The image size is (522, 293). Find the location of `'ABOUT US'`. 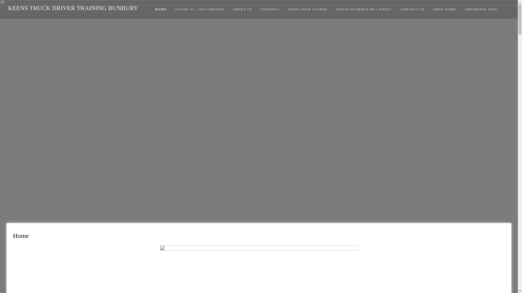

'ABOUT US' is located at coordinates (242, 9).